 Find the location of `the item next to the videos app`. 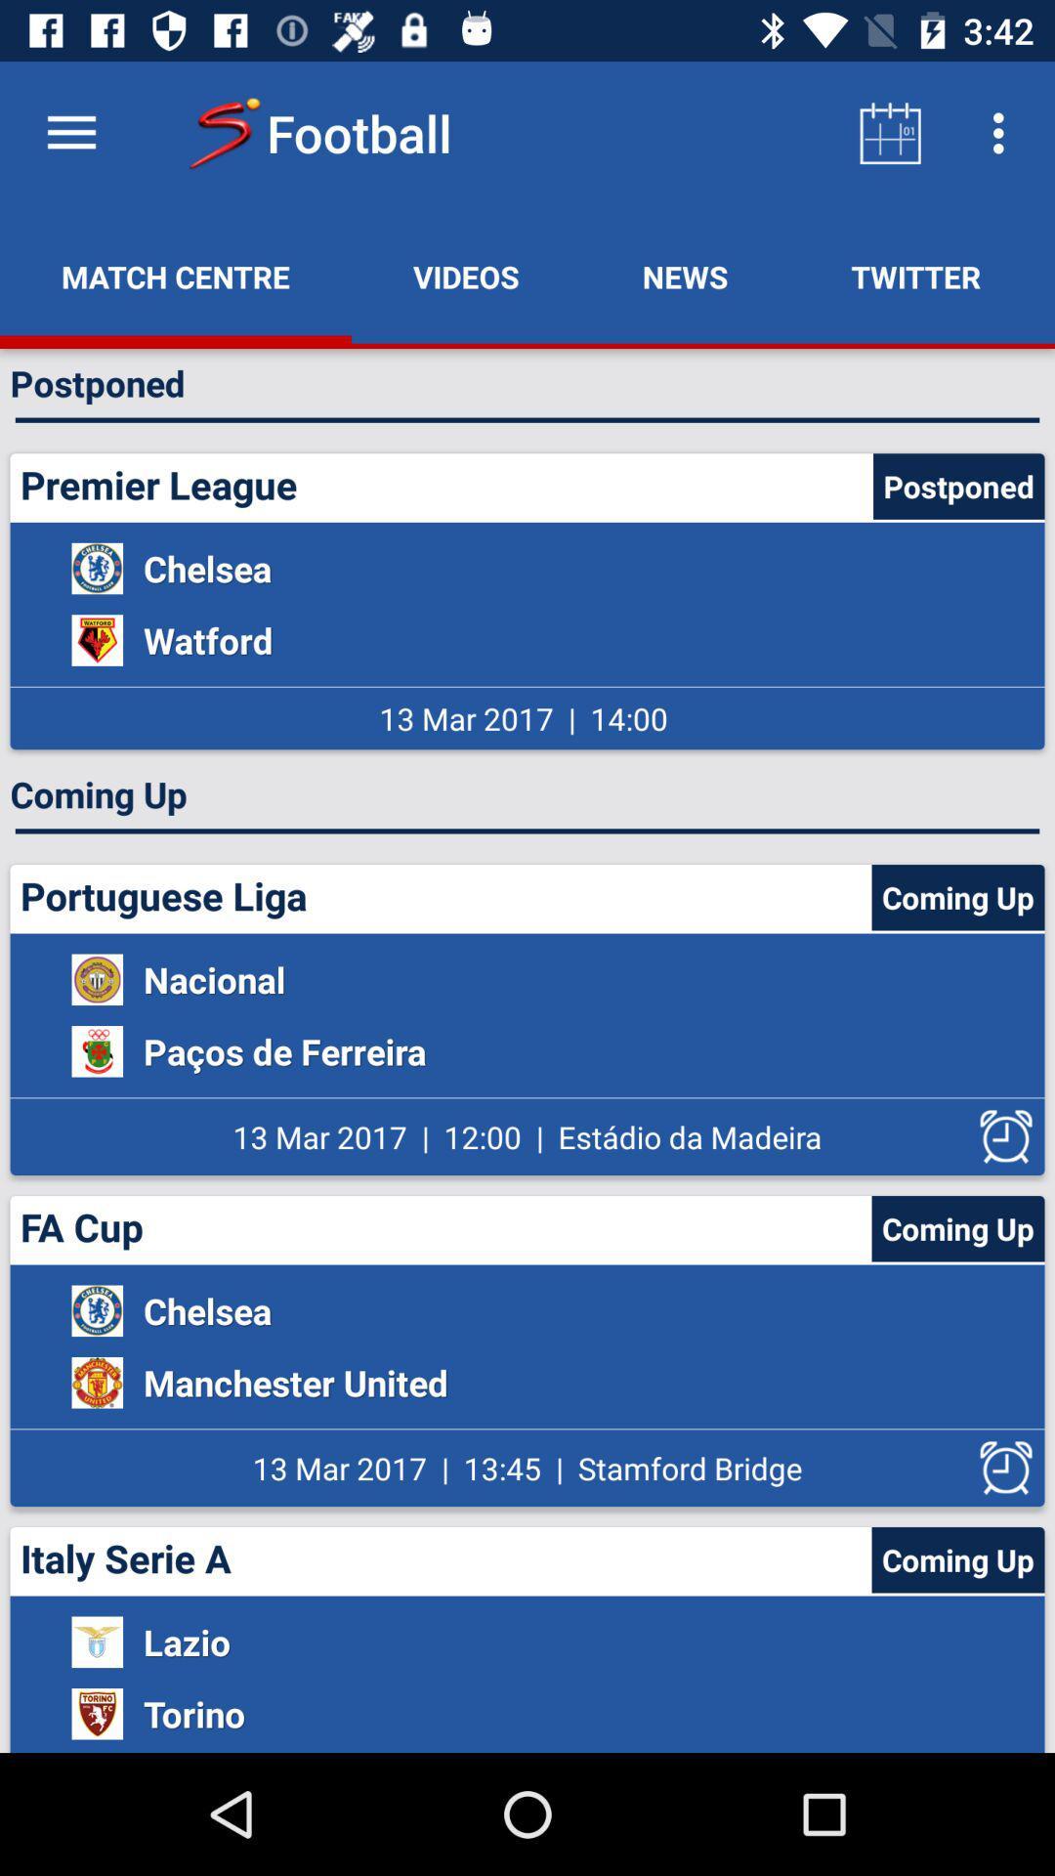

the item next to the videos app is located at coordinates (176, 276).